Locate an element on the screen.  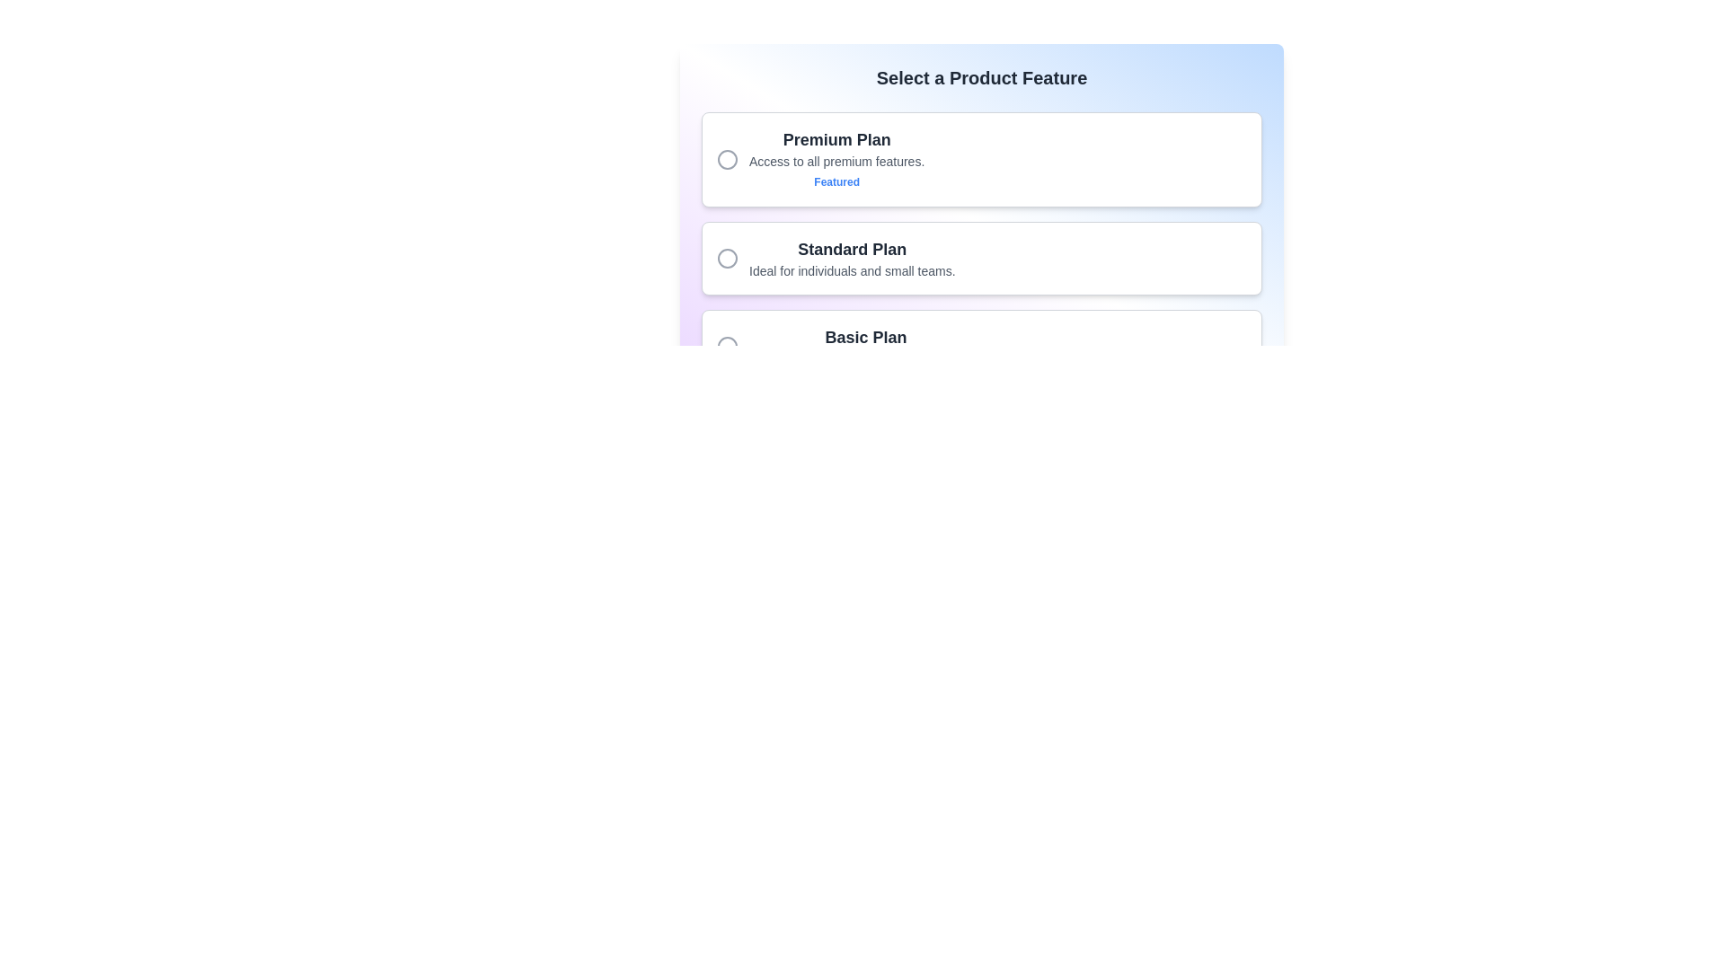
the 'Basic Plan' text label is located at coordinates (866, 337).